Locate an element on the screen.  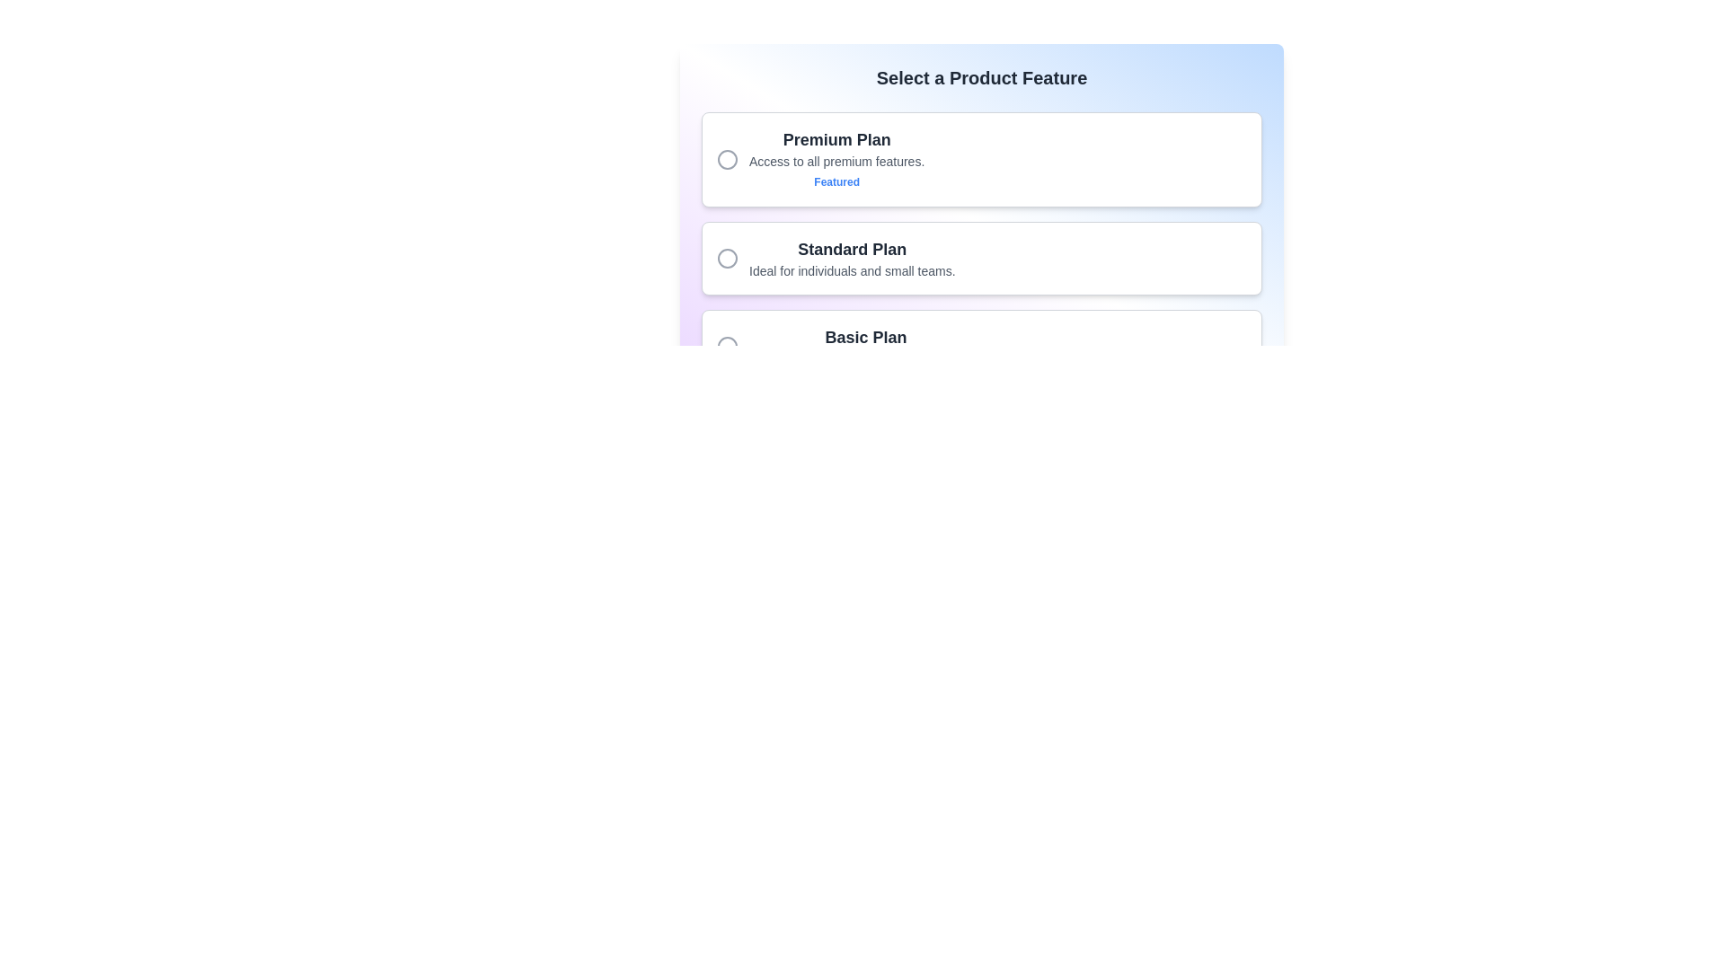
the 'Basic Plan' text label is located at coordinates (866, 337).